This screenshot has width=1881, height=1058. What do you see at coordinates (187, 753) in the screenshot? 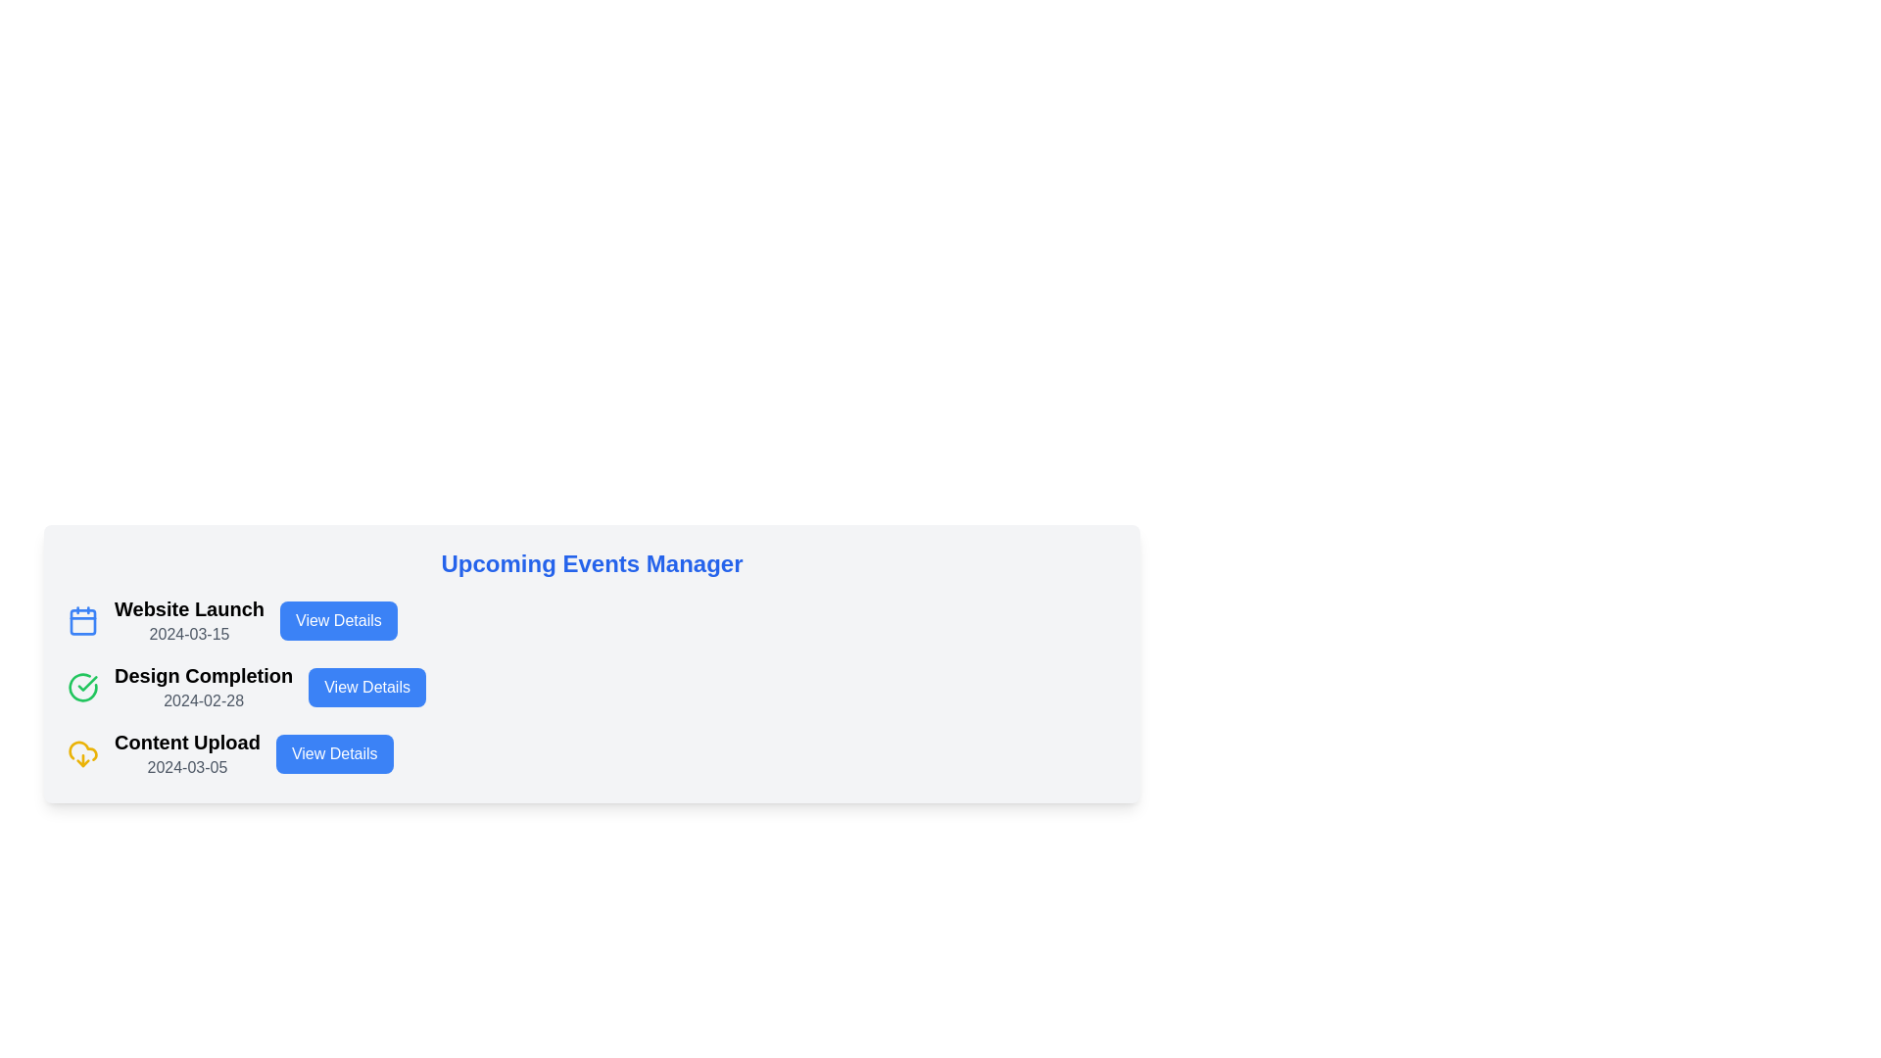
I see `the 'Content Upload' textual information display` at bounding box center [187, 753].